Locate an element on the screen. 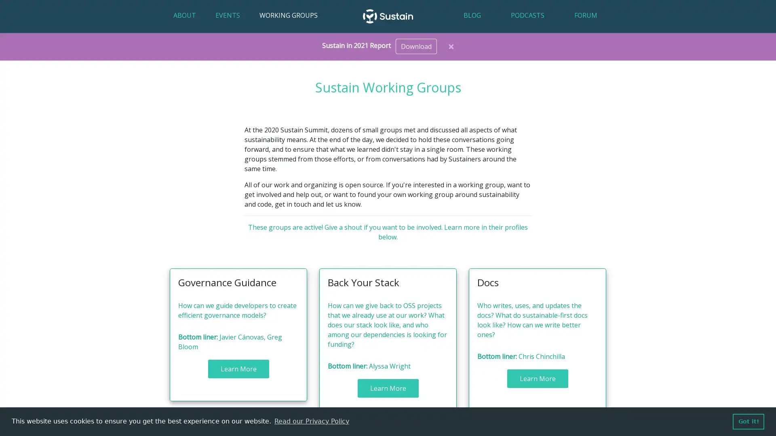 This screenshot has height=436, width=776. Close is located at coordinates (451, 46).